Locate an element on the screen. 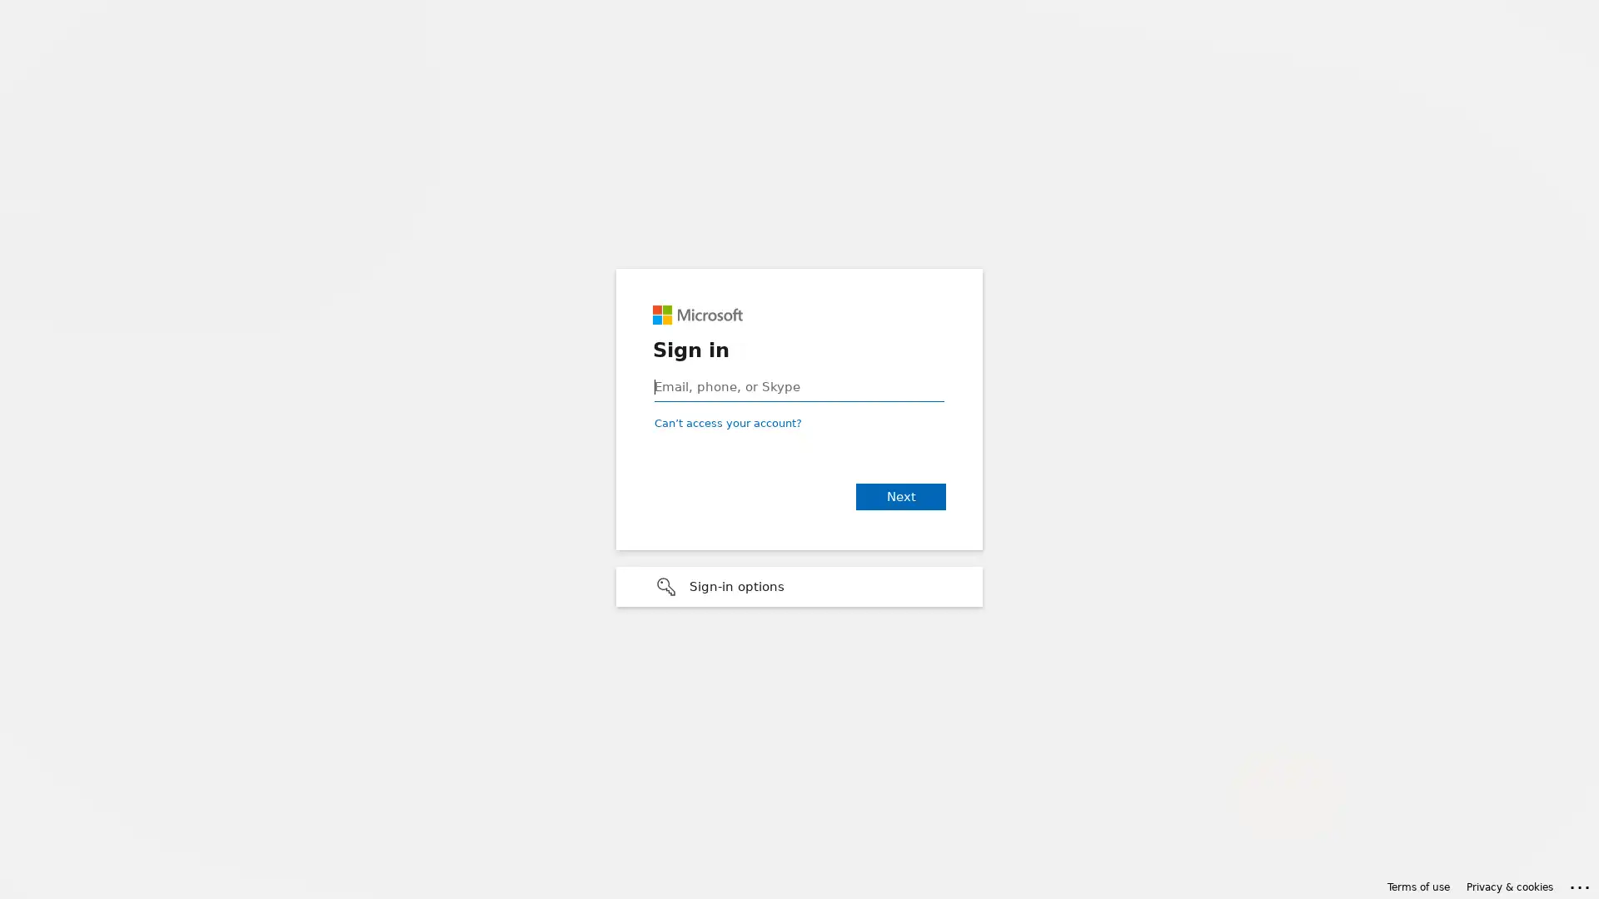 This screenshot has height=899, width=1599. Click here for troubleshooting information is located at coordinates (1580, 884).